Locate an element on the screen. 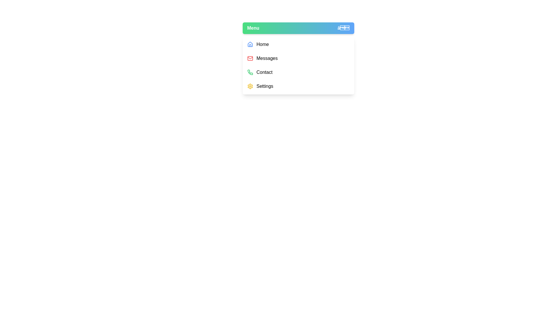 The image size is (558, 314). button to toggle the menu visibility is located at coordinates (298, 28).